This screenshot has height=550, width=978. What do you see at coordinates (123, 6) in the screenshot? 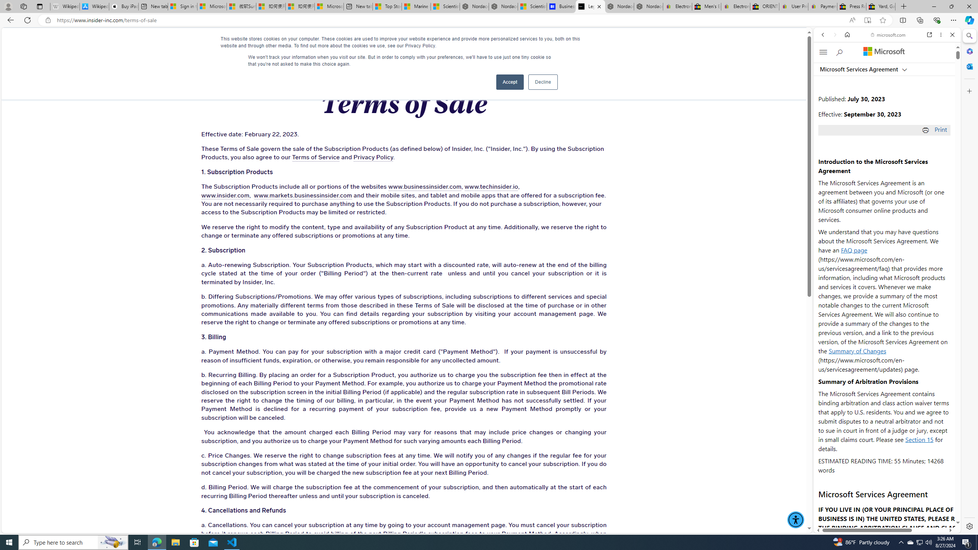
I see `'Buy iPad - Apple'` at bounding box center [123, 6].